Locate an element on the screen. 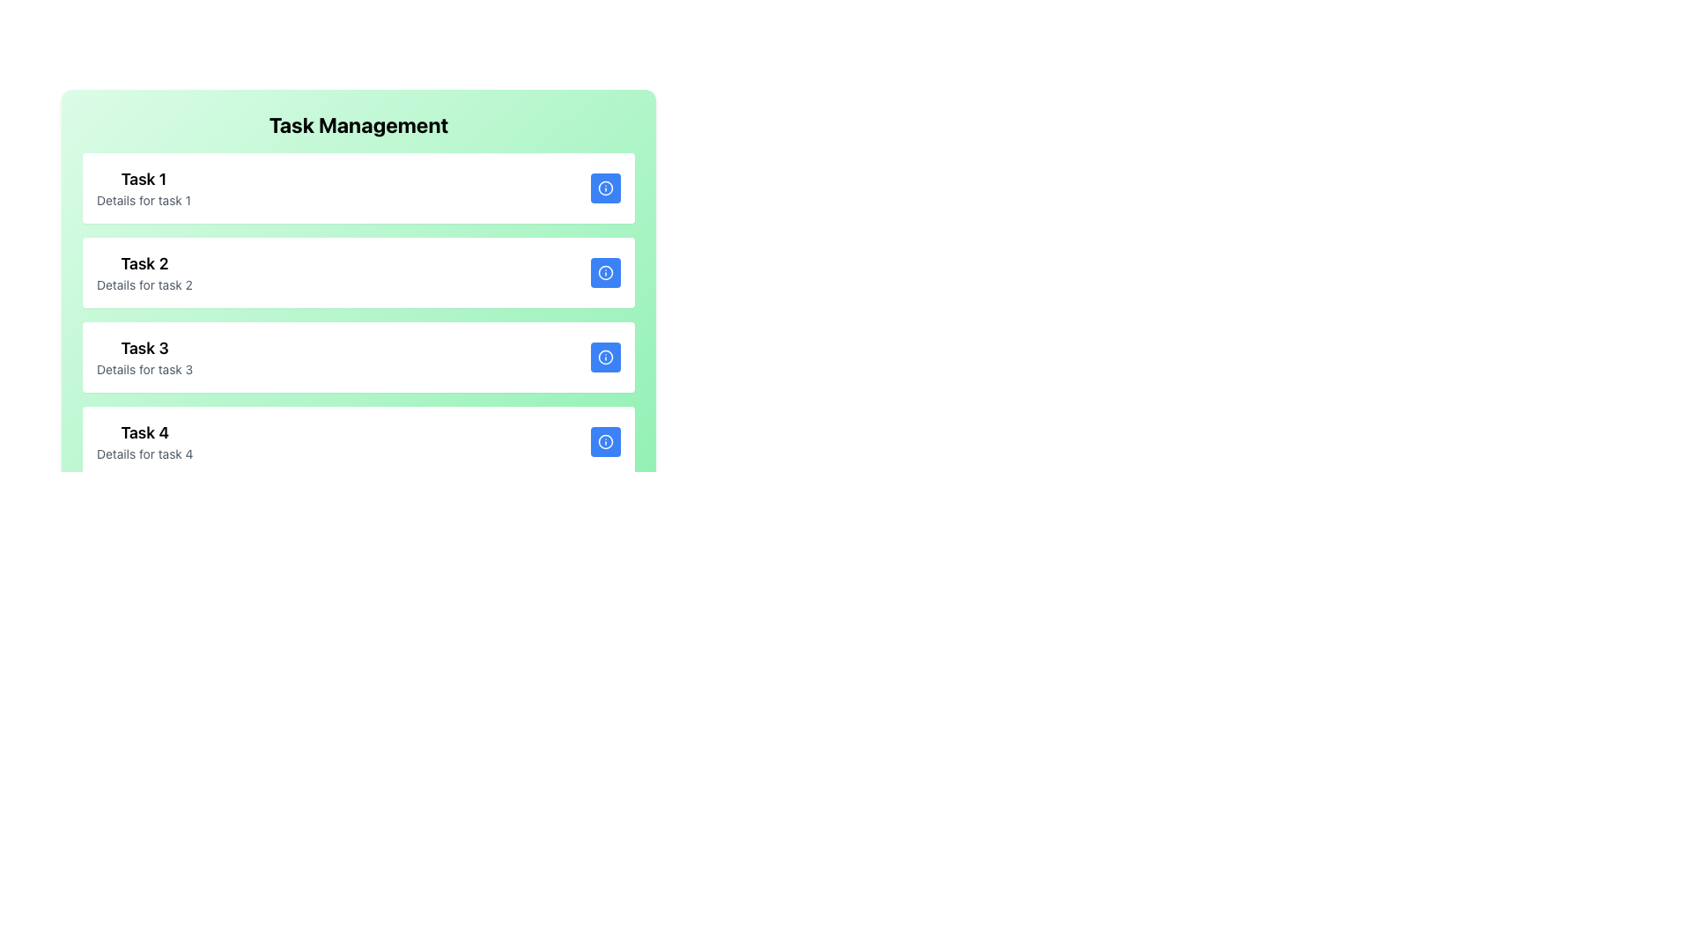 The image size is (1691, 951). the circular blue icon located on the right side of the entry for 'Task 3' in the task list is located at coordinates (605, 357).